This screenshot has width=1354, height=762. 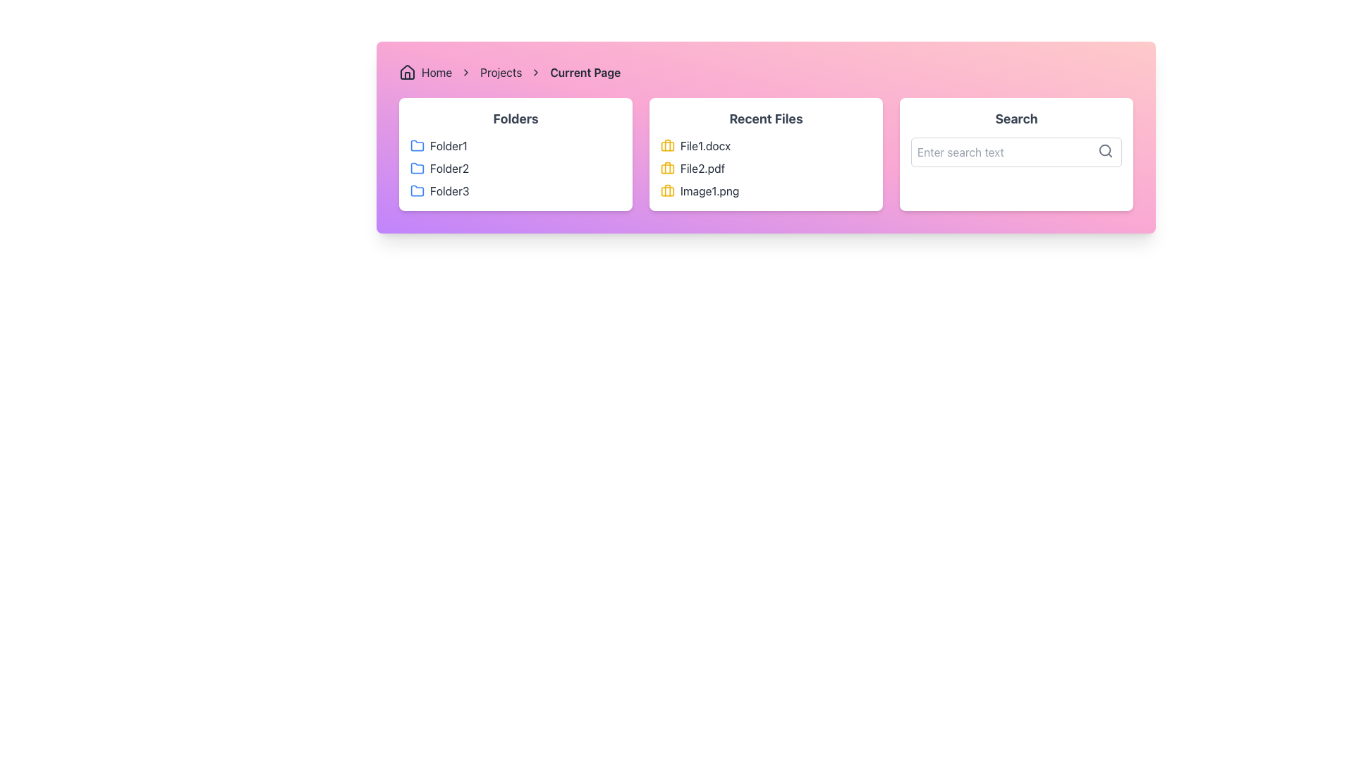 What do you see at coordinates (416, 190) in the screenshot?
I see `the folder icon adjacent to the text label 'Folder3'` at bounding box center [416, 190].